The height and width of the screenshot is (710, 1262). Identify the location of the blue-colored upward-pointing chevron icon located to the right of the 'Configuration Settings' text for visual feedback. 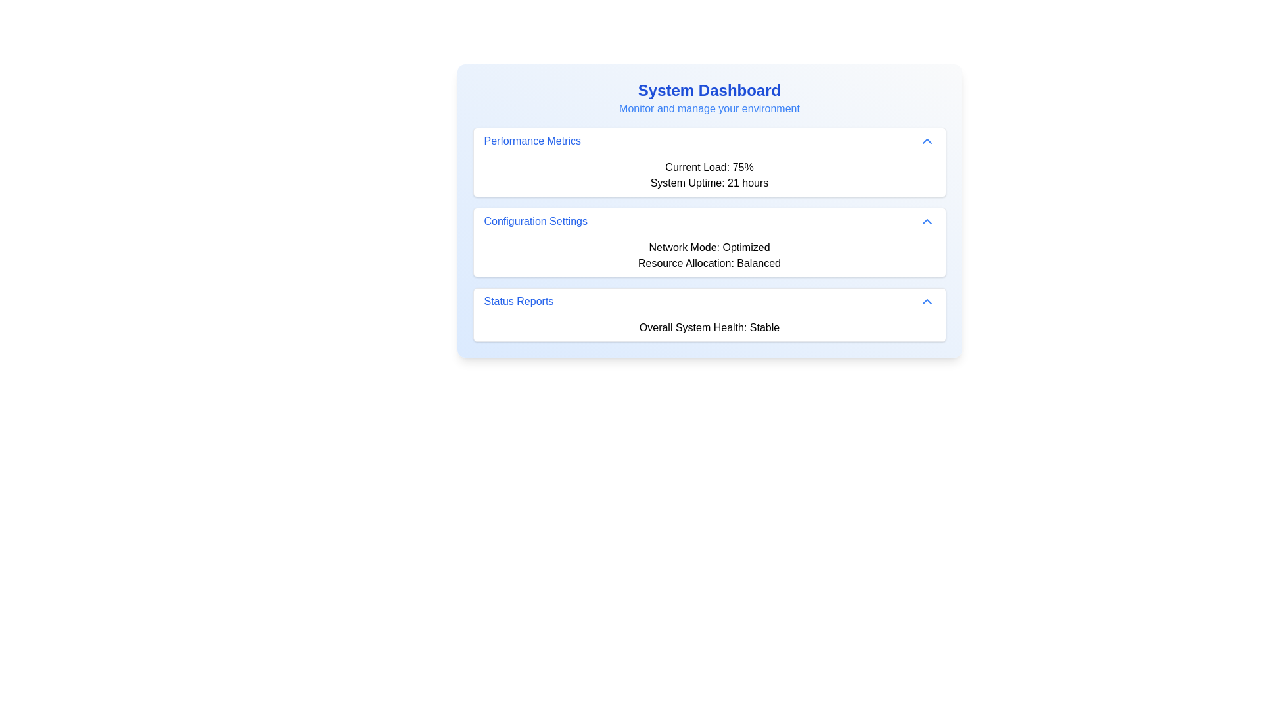
(926, 220).